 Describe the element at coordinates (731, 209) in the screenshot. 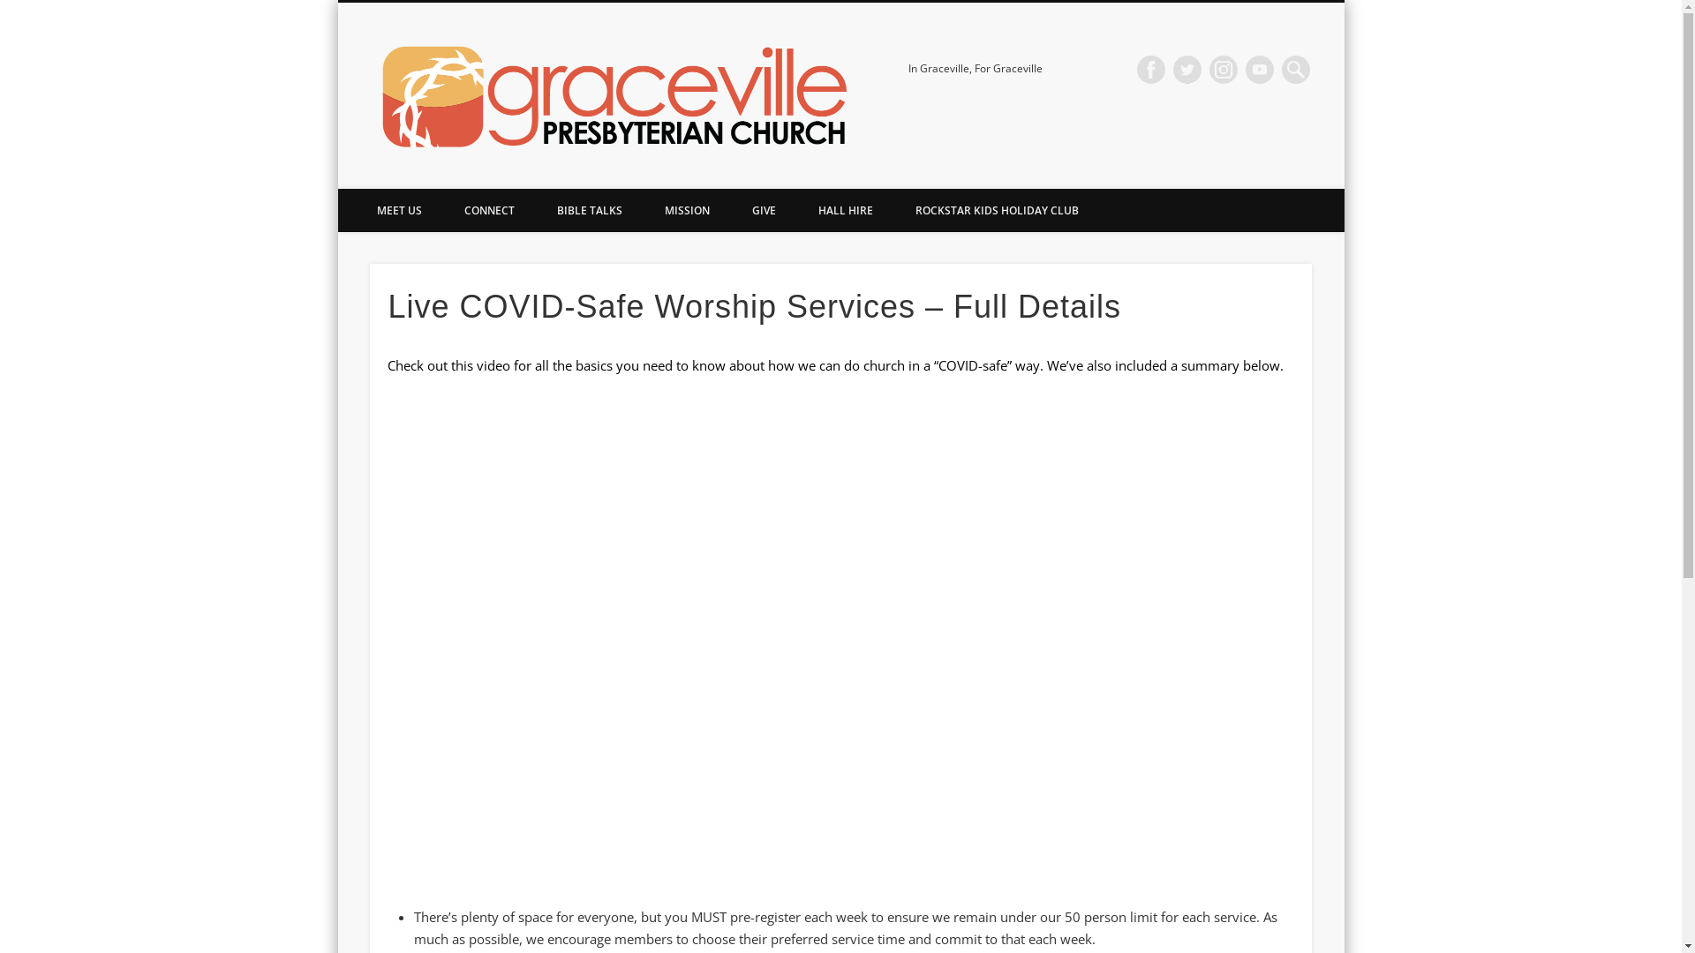

I see `'GIVE'` at that location.